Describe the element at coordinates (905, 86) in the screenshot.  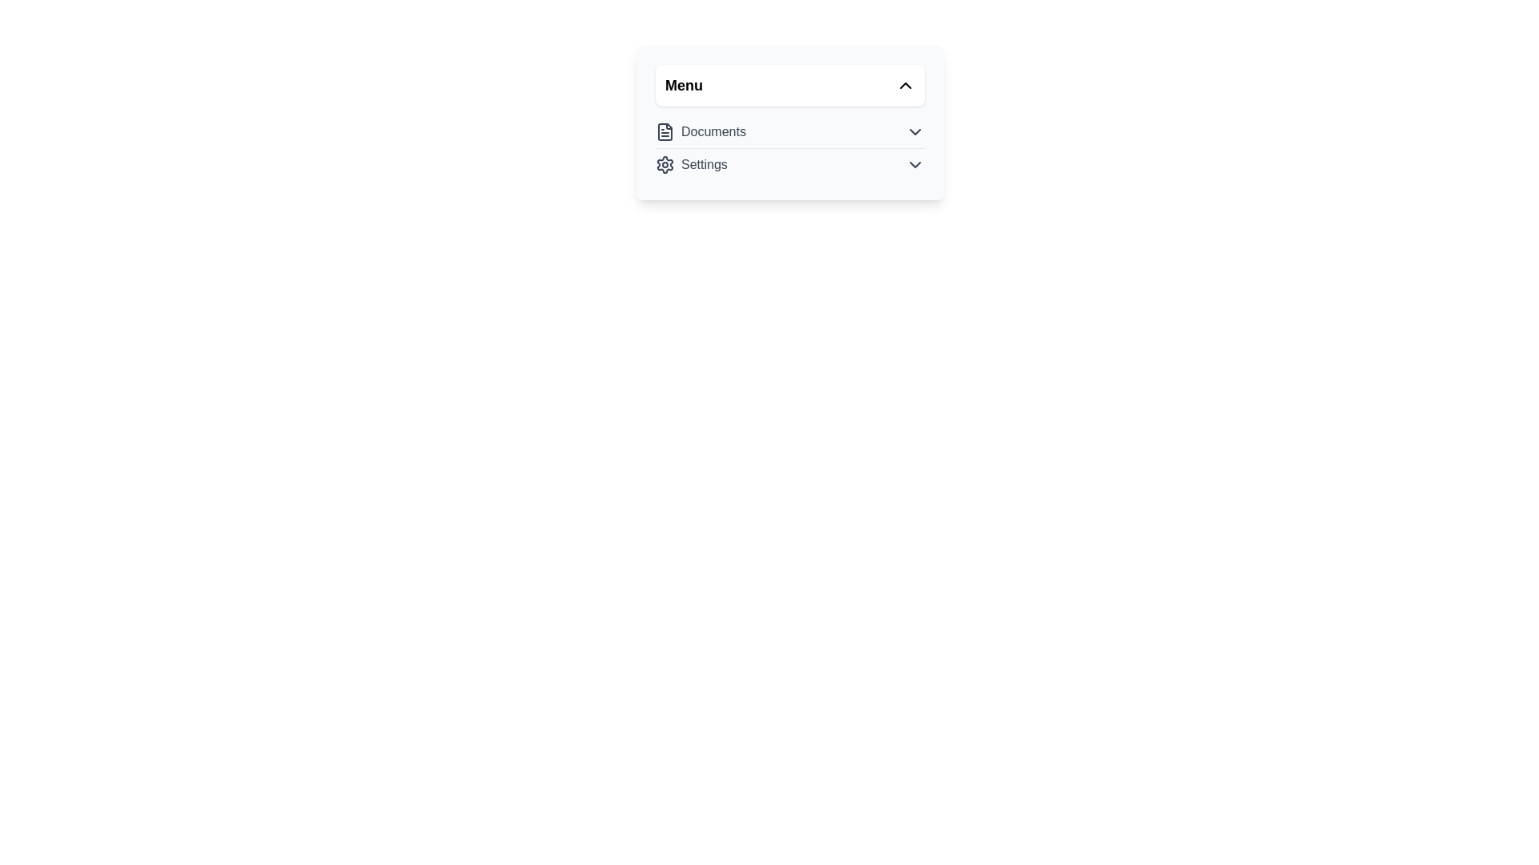
I see `the downward-pointing chevron icon next to the 'Menu' label in the header bar` at that location.